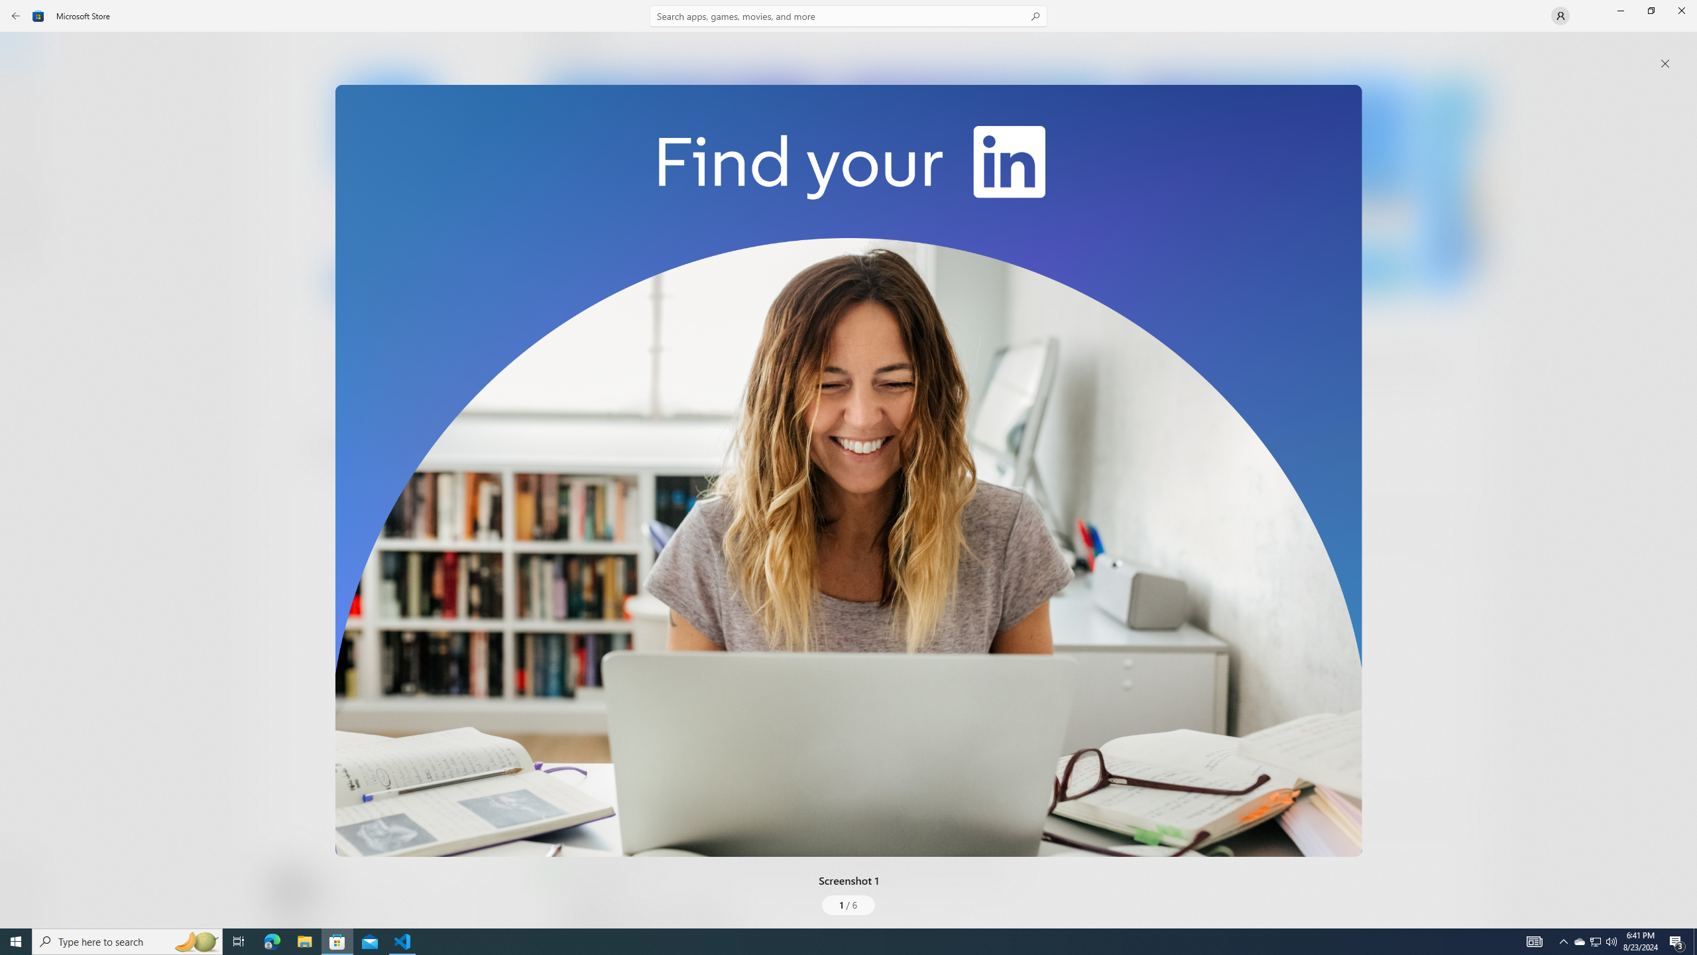  I want to click on 'Screenshot 1', so click(848, 470).